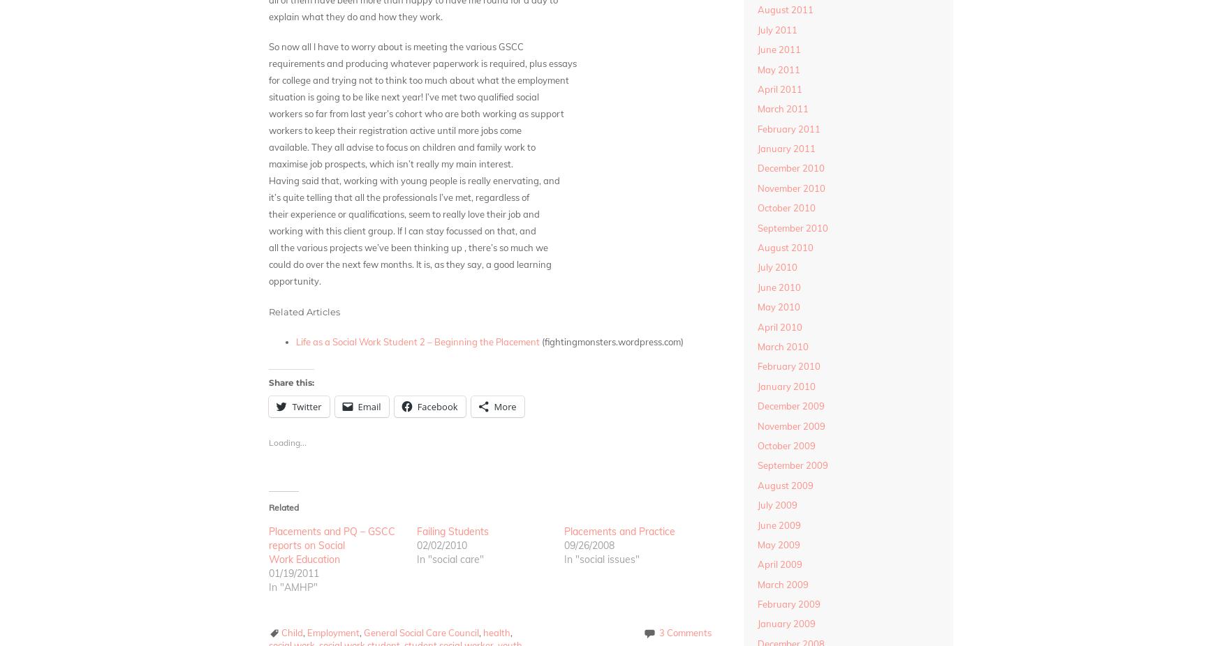 The width and height of the screenshot is (1222, 646). What do you see at coordinates (611, 341) in the screenshot?
I see `'(fightingmonsters.wordpress.com)'` at bounding box center [611, 341].